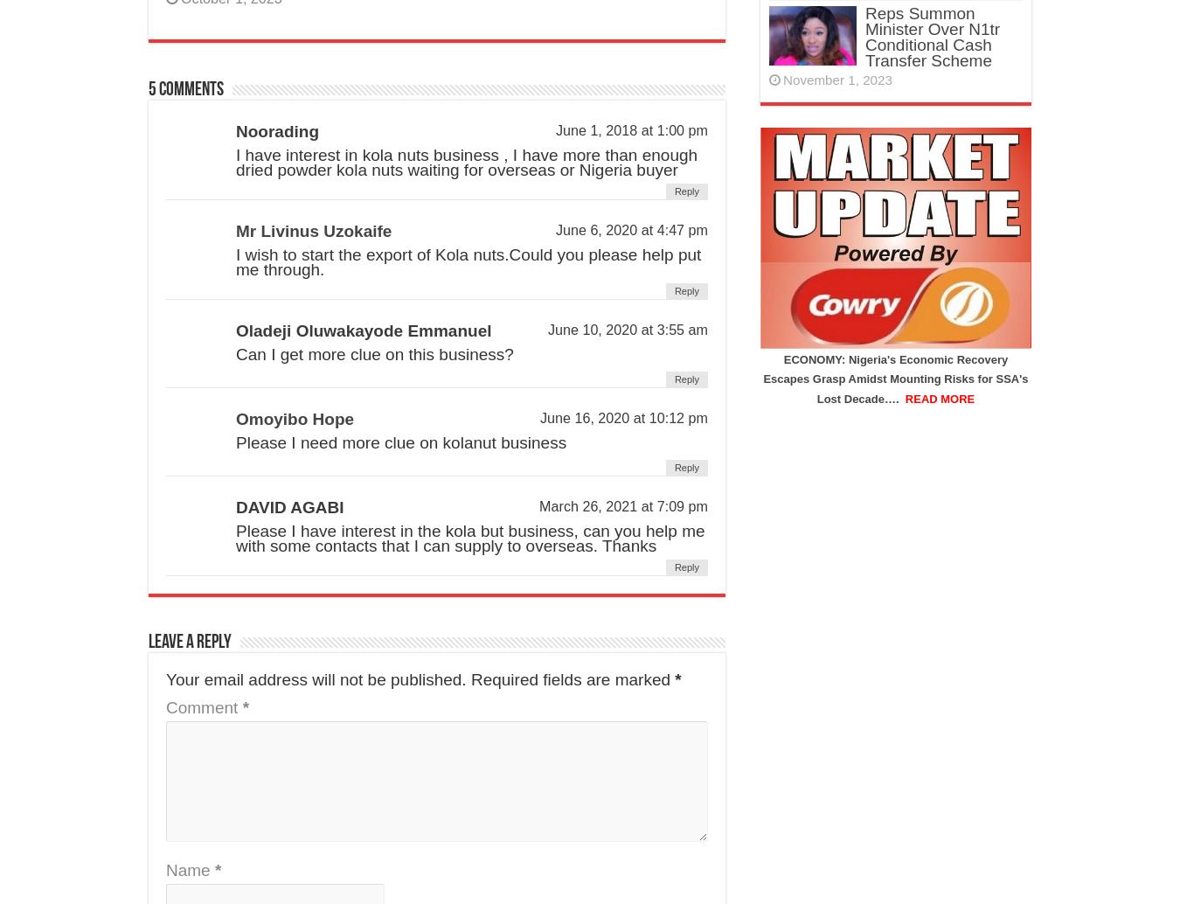 The image size is (1180, 904). I want to click on 'ECONOMY: Nigeria's Economic Recovery Escapes Grasp Amidst Mounting Risks for SSA's Lost Decade….', so click(763, 378).